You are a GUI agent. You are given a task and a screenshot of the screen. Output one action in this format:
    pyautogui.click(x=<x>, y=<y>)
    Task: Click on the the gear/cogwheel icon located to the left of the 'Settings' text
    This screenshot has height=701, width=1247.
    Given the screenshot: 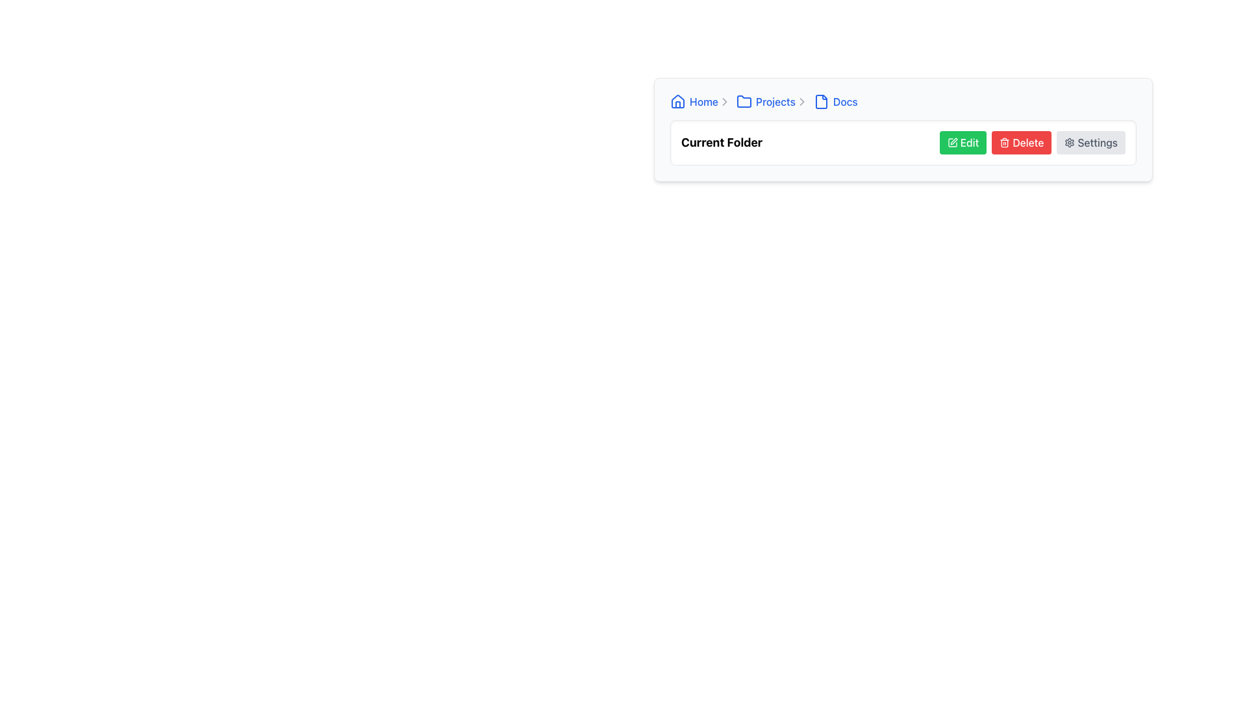 What is the action you would take?
    pyautogui.click(x=1070, y=142)
    